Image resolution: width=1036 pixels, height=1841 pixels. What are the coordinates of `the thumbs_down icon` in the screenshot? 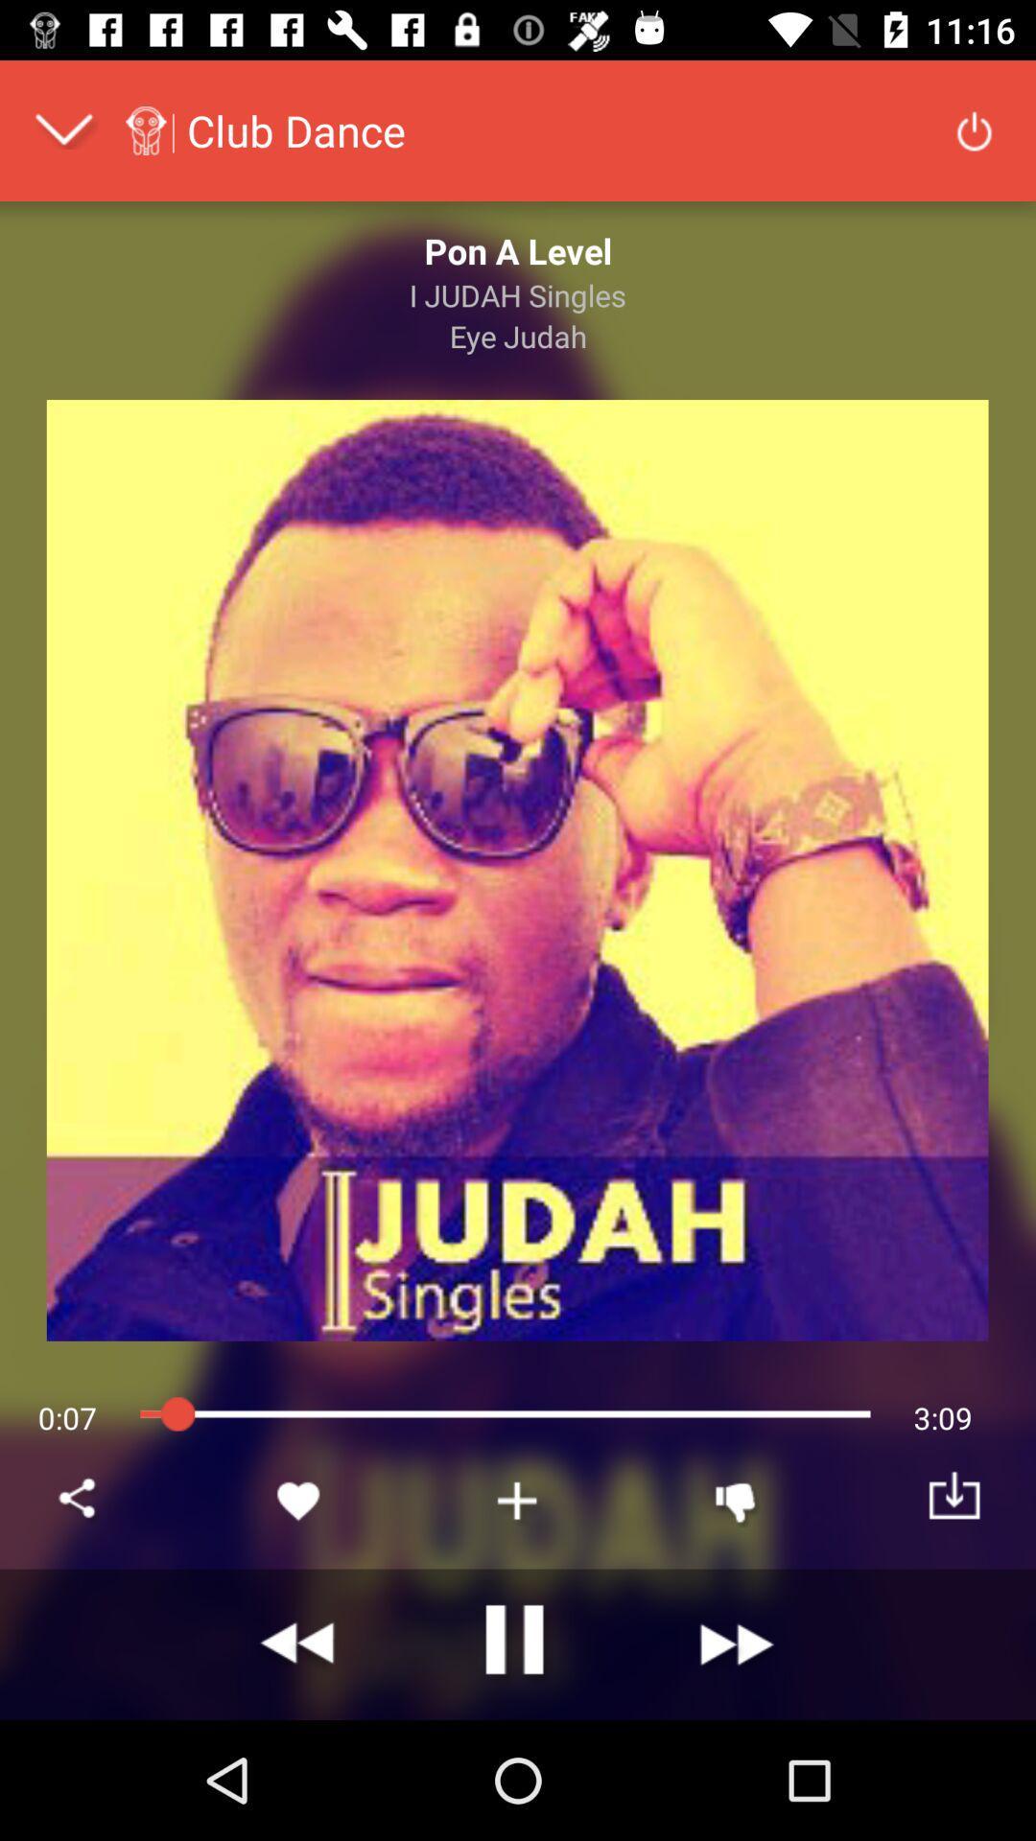 It's located at (735, 1500).